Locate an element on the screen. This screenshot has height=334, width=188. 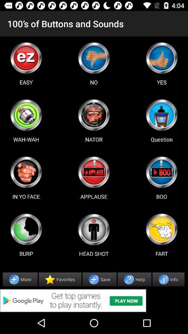
listen nator is located at coordinates (94, 115).